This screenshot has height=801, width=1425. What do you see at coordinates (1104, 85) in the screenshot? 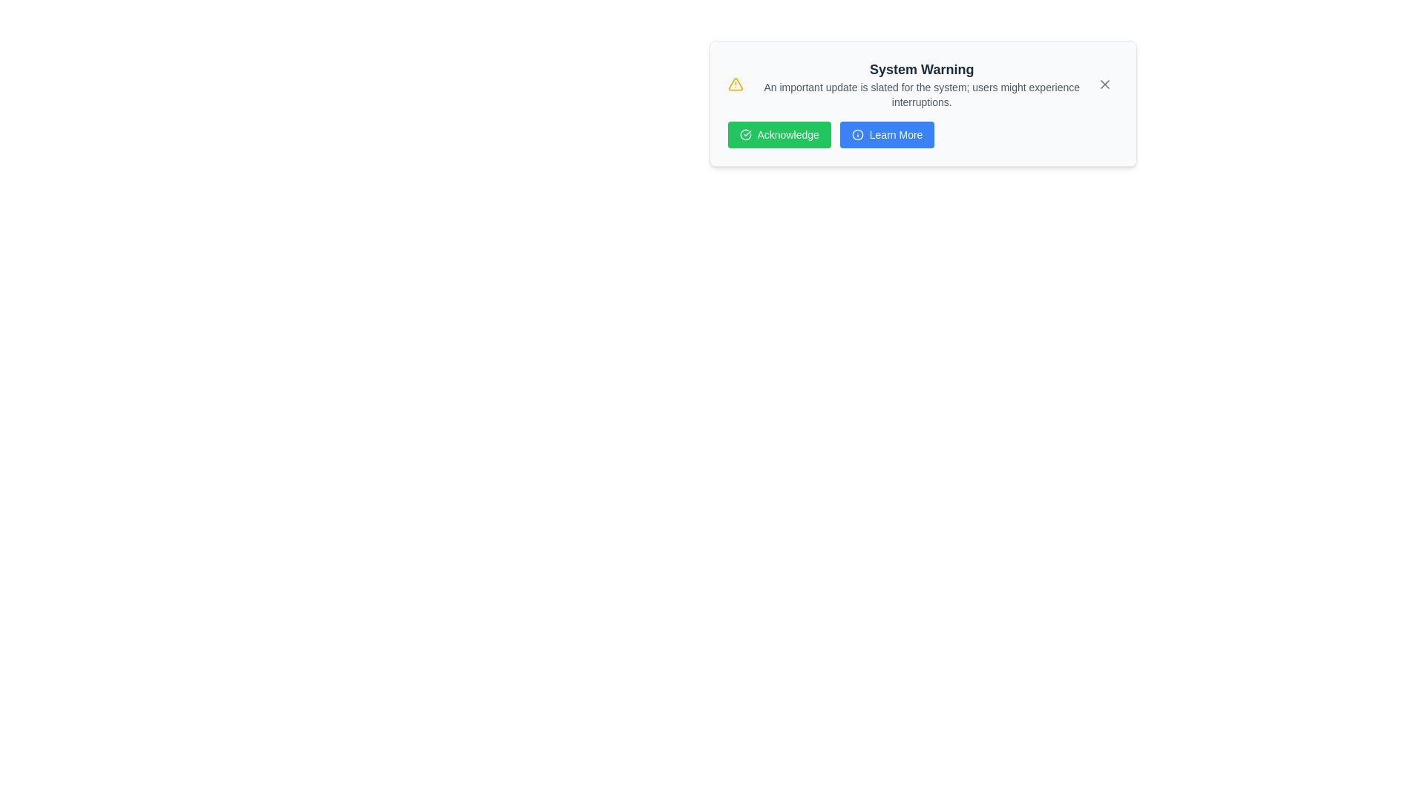
I see `the dismiss button located at the top-right corner of the notification panel next to the 'System Warning' header` at bounding box center [1104, 85].